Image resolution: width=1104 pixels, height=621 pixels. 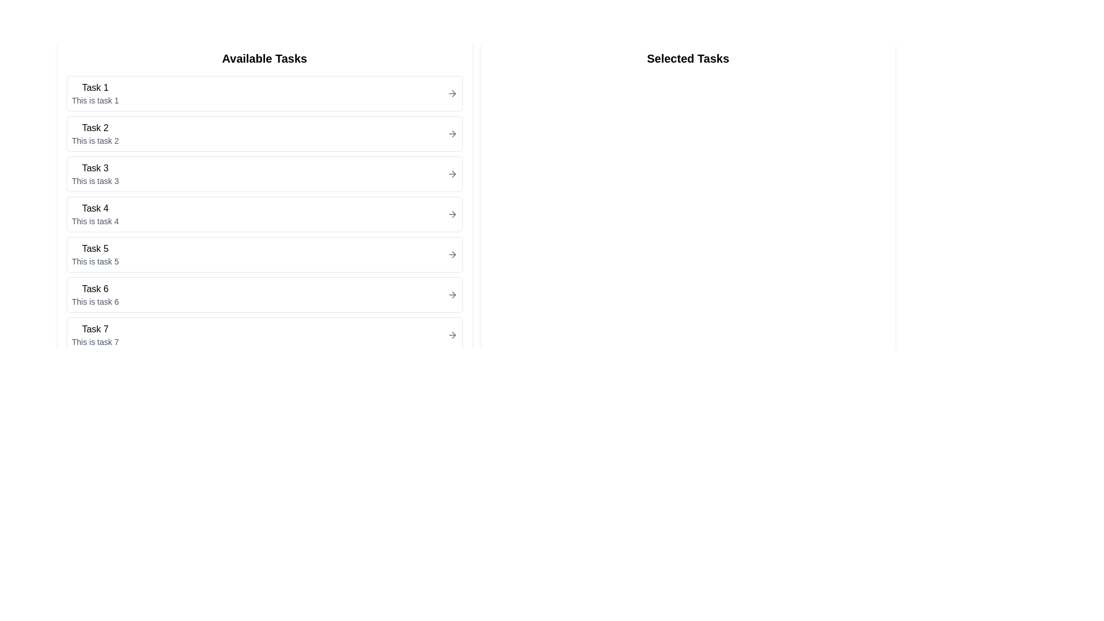 What do you see at coordinates (451, 335) in the screenshot?
I see `the arrow icon located to the right of 'Task 7' in the 'Available Tasks' list section` at bounding box center [451, 335].